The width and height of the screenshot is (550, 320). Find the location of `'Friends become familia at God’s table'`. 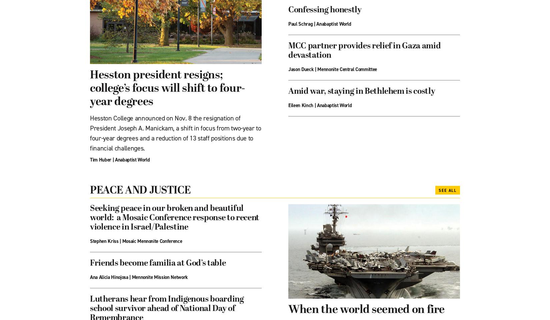

'Friends become familia at God’s table' is located at coordinates (157, 264).